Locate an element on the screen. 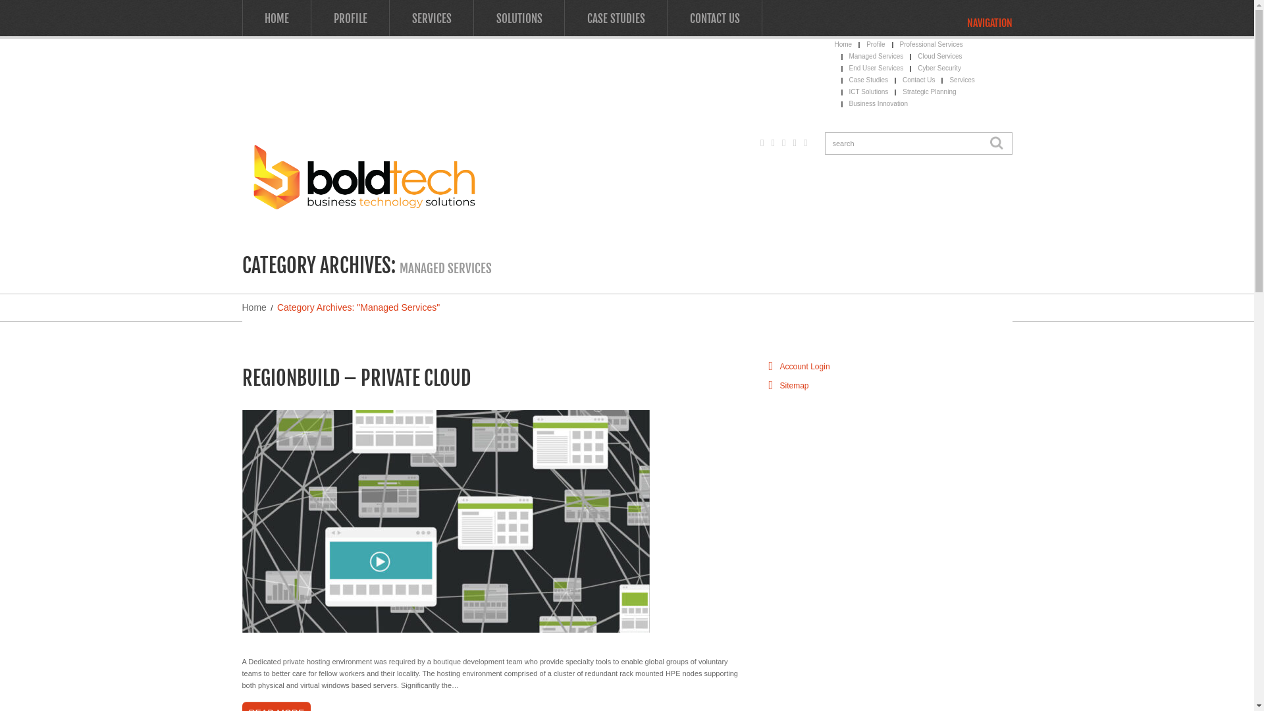  'Services' is located at coordinates (949, 80).